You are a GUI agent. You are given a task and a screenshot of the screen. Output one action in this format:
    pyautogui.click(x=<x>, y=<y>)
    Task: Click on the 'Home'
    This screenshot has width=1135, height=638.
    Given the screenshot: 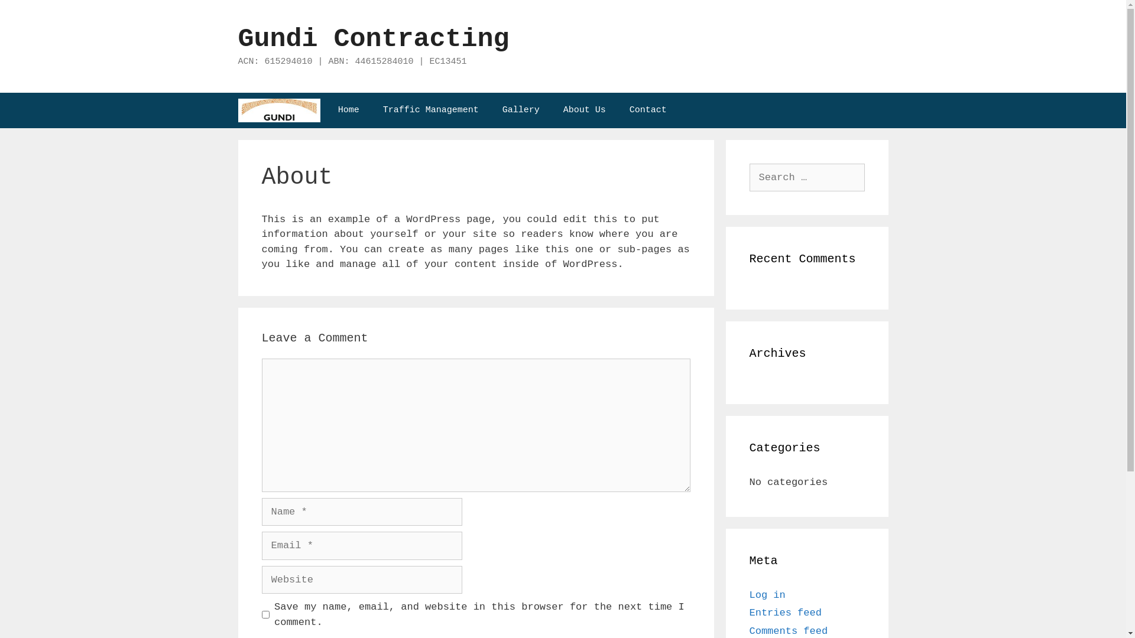 What is the action you would take?
    pyautogui.click(x=348, y=109)
    